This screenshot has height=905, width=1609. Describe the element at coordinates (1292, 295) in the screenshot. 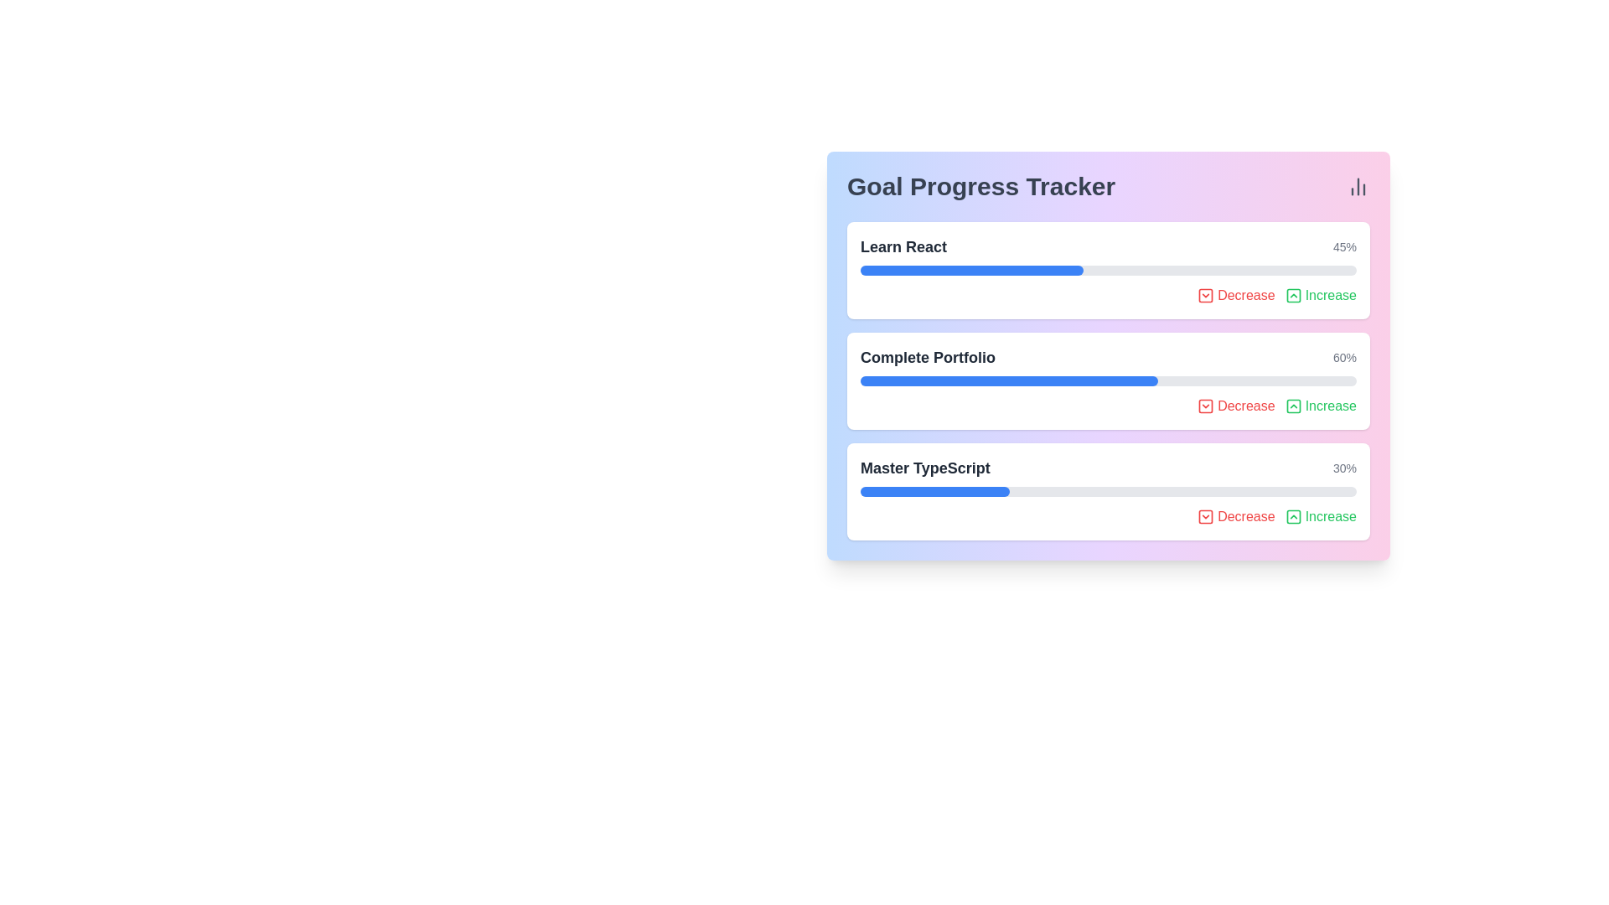

I see `the 'Increase' action icon located to the left of the text 'Increase' in the progress tracker row` at that location.